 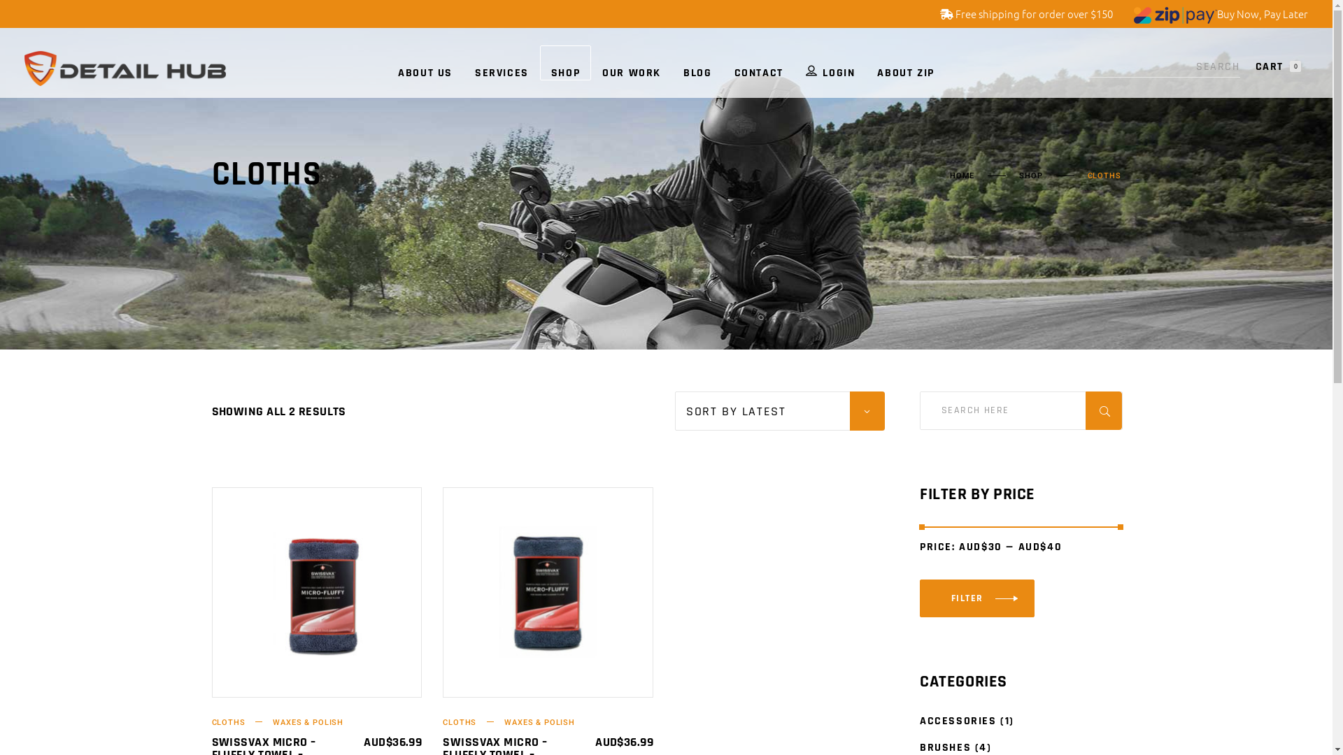 I want to click on 'ABOUT US', so click(x=425, y=62).